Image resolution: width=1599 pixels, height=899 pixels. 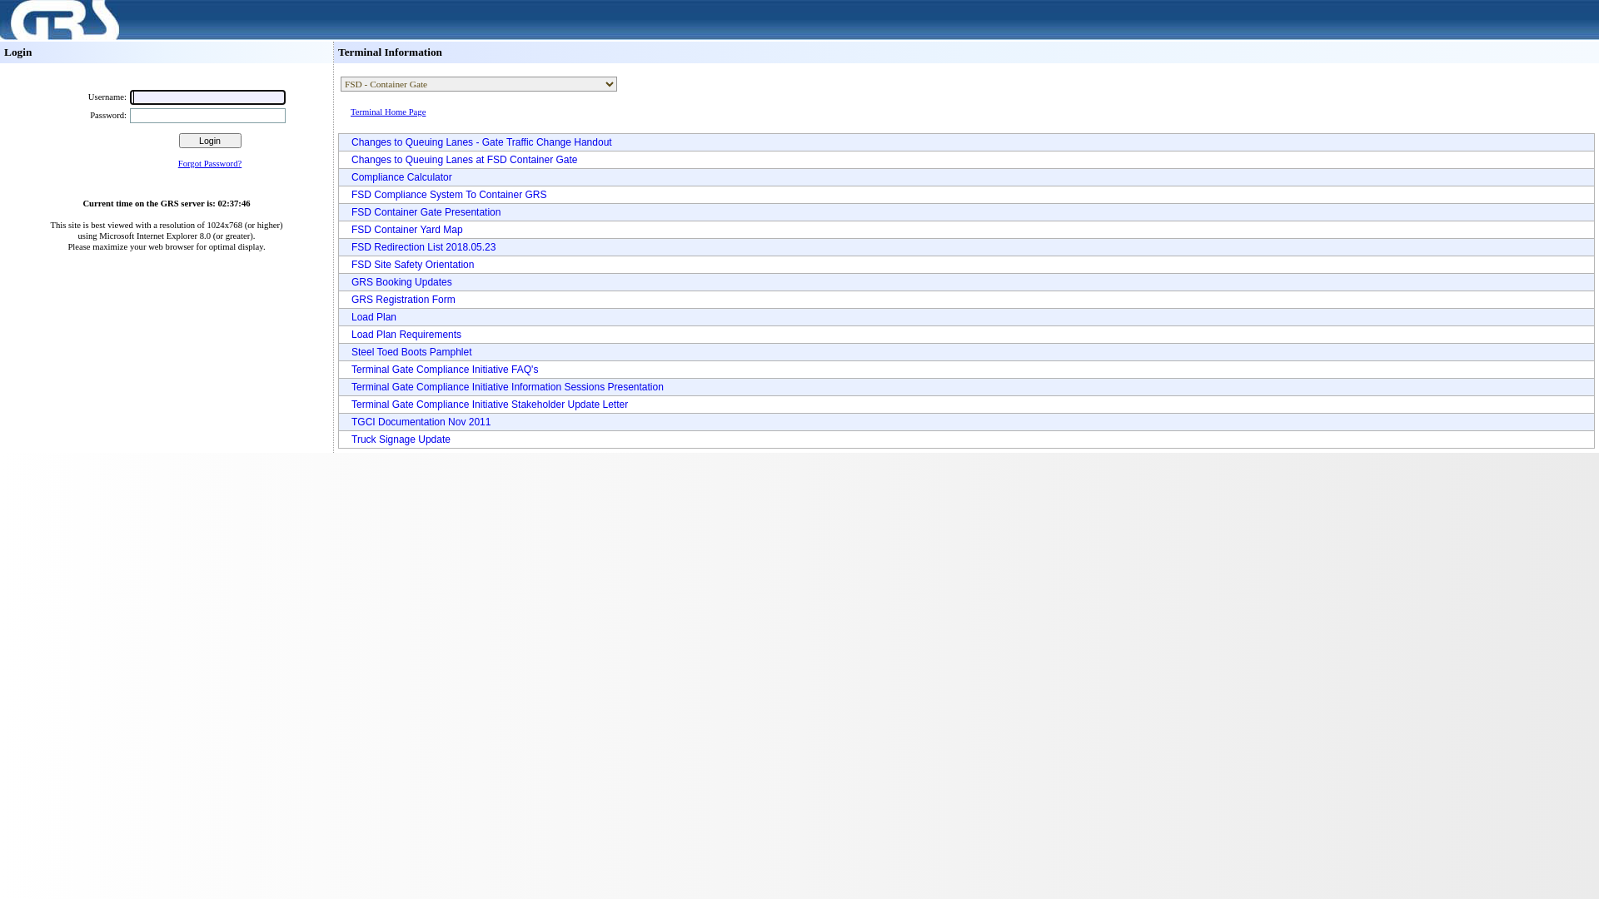 I want to click on 'FSD Compliance System To Container GRS', so click(x=445, y=194).